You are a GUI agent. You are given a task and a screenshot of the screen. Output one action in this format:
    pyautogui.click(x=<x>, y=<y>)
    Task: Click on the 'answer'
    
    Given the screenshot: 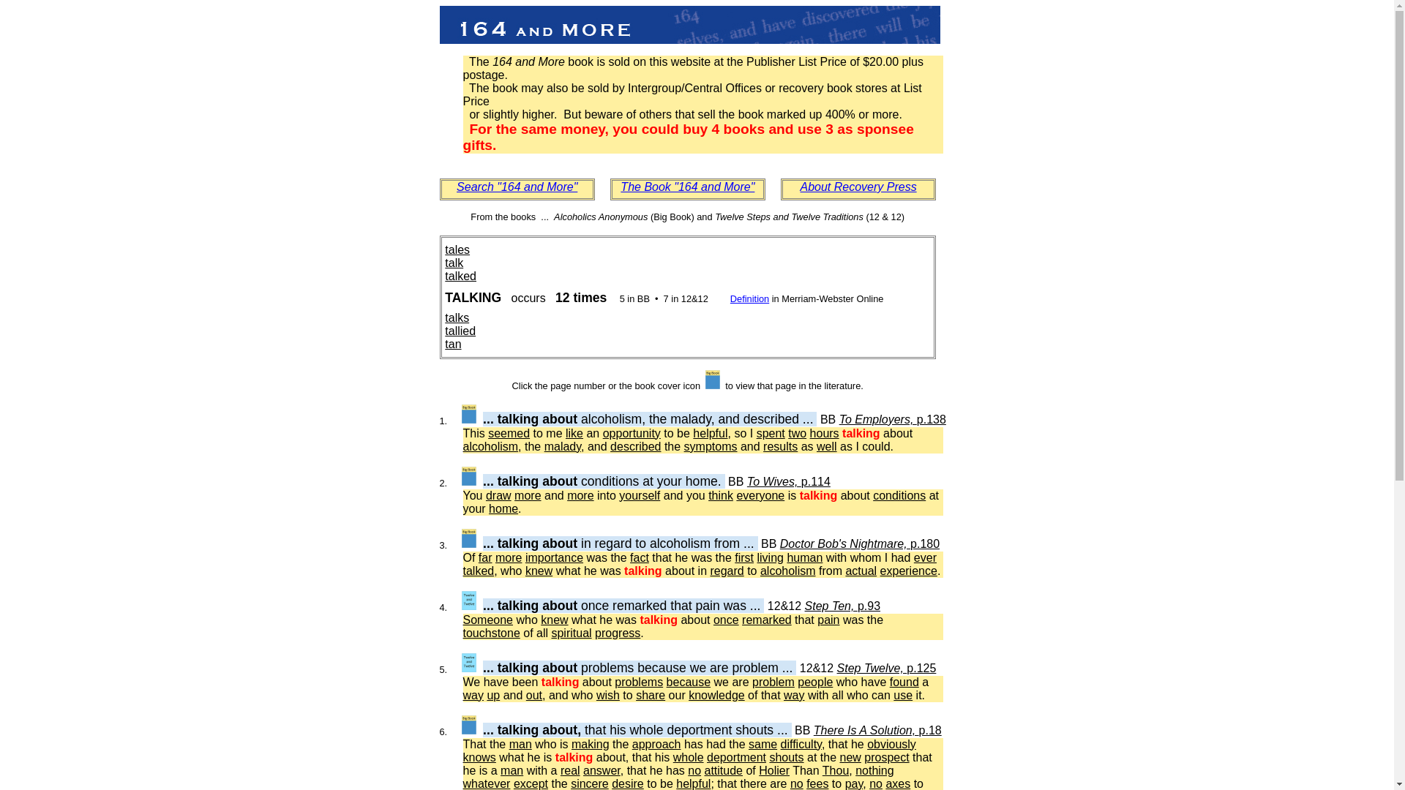 What is the action you would take?
    pyautogui.click(x=582, y=770)
    